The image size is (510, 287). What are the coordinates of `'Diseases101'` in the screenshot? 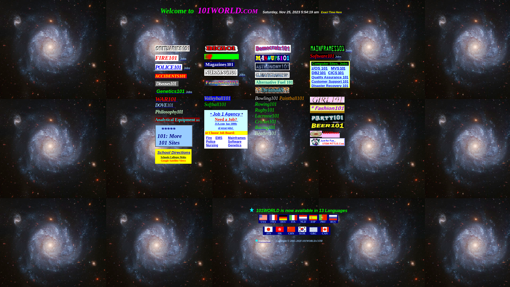 It's located at (166, 84).